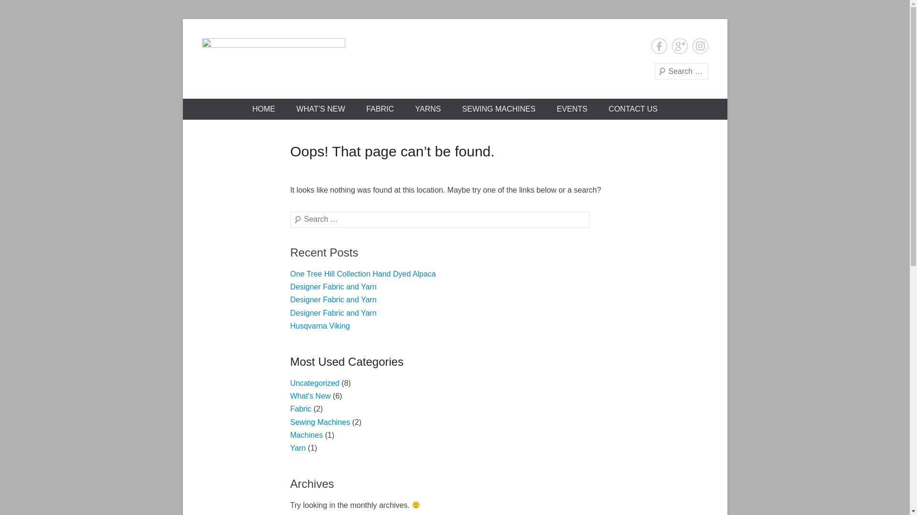 Image resolution: width=917 pixels, height=515 pixels. Describe the element at coordinates (333, 286) in the screenshot. I see `'Designer Fabric and Yarn'` at that location.